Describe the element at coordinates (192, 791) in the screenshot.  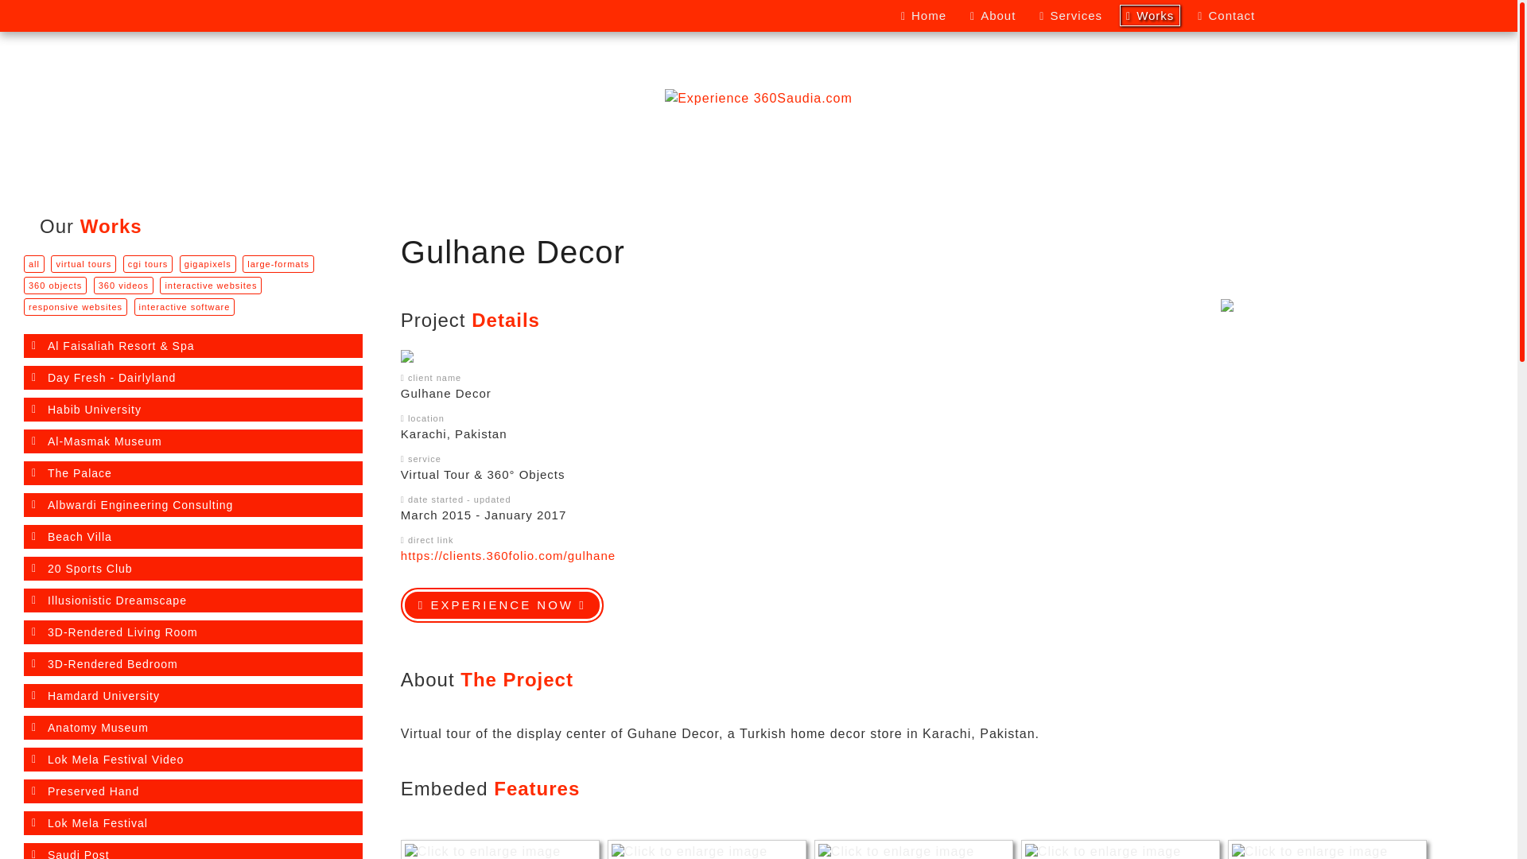
I see `'Preserved Hand'` at that location.